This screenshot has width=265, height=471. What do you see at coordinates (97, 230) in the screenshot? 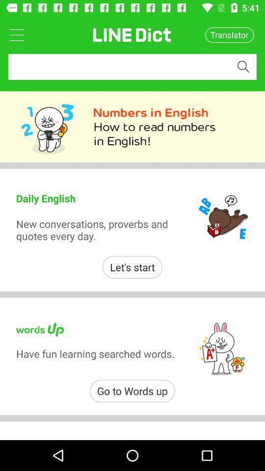
I see `item below the daily english icon` at bounding box center [97, 230].